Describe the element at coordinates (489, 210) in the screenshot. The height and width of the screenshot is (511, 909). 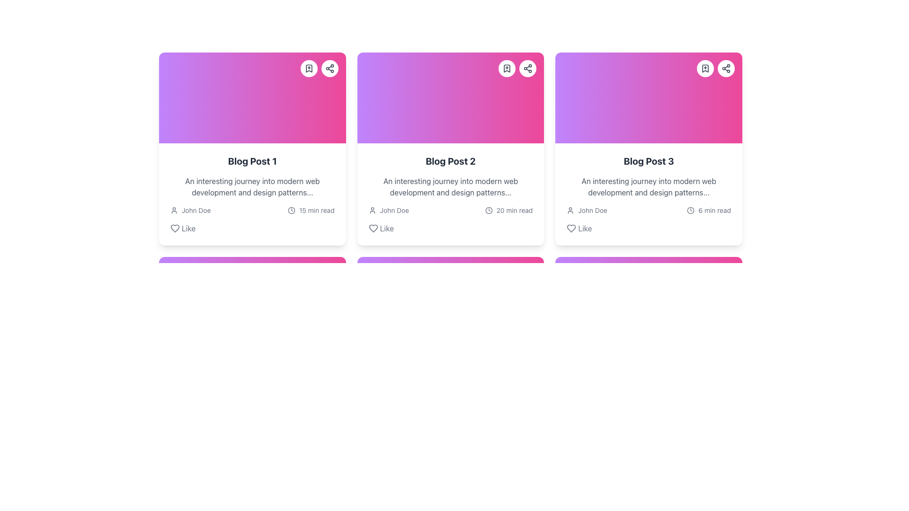
I see `the time icon located before the text '20 min read' in the footer of the 'Blog Post 2' card, depending on its interactivity` at that location.